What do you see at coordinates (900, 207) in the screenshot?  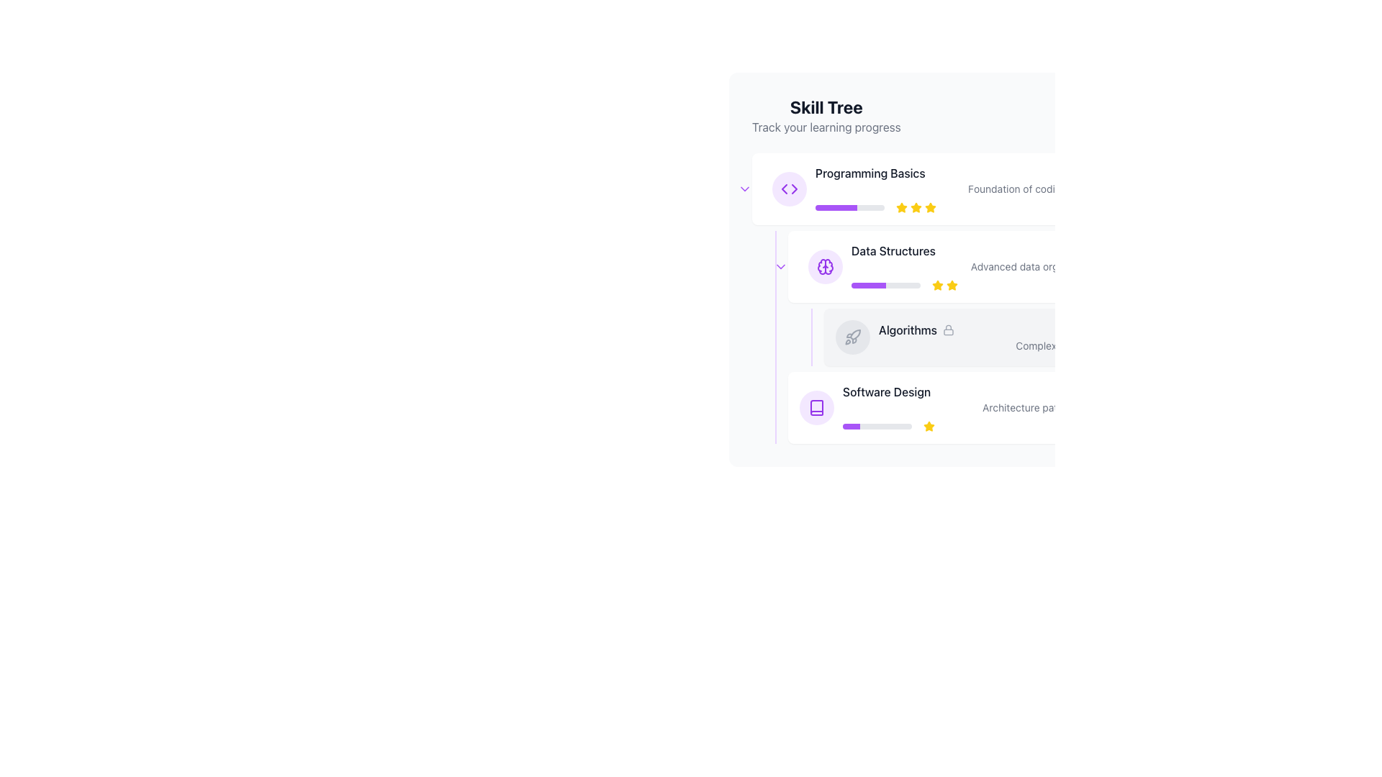 I see `the first yellow rating star in the Programming Basics section` at bounding box center [900, 207].